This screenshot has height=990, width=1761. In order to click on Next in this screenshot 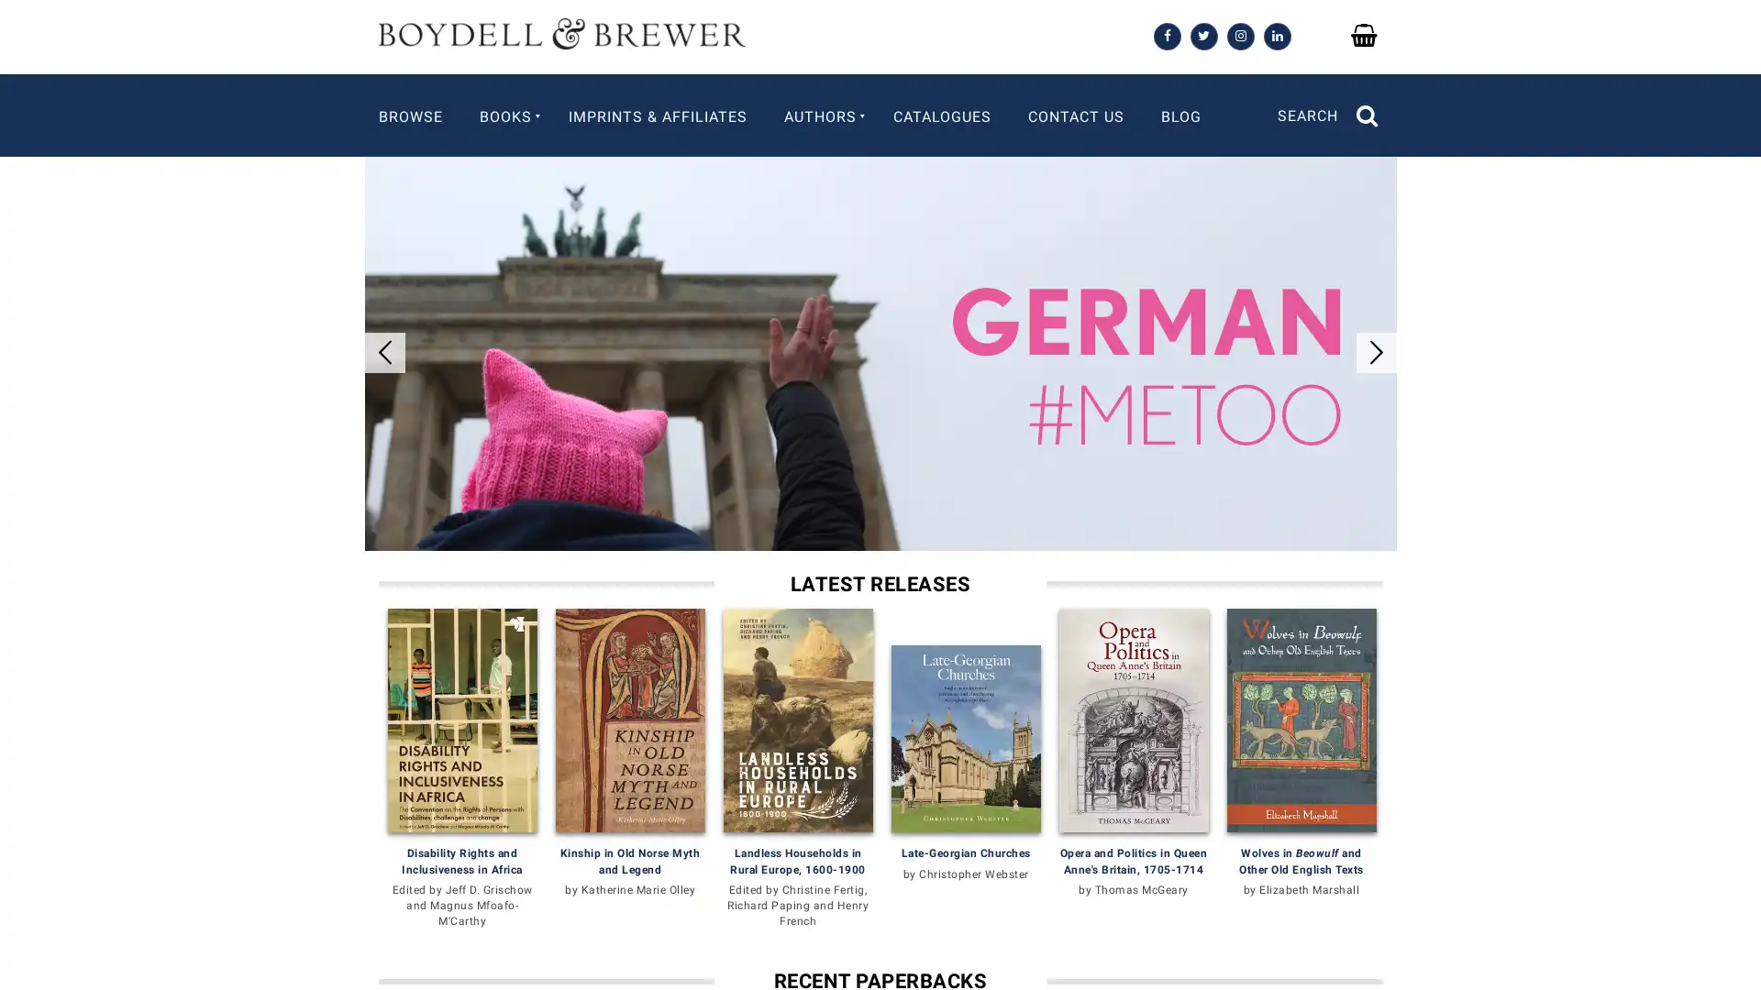, I will do `click(1375, 324)`.